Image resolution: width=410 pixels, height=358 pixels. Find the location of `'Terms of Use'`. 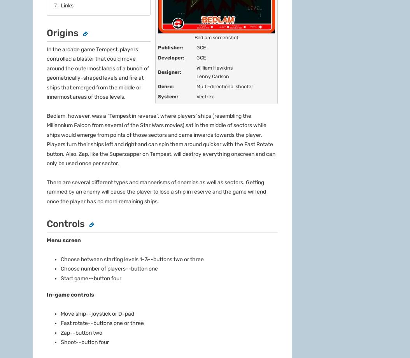

'Terms of Use' is located at coordinates (184, 144).